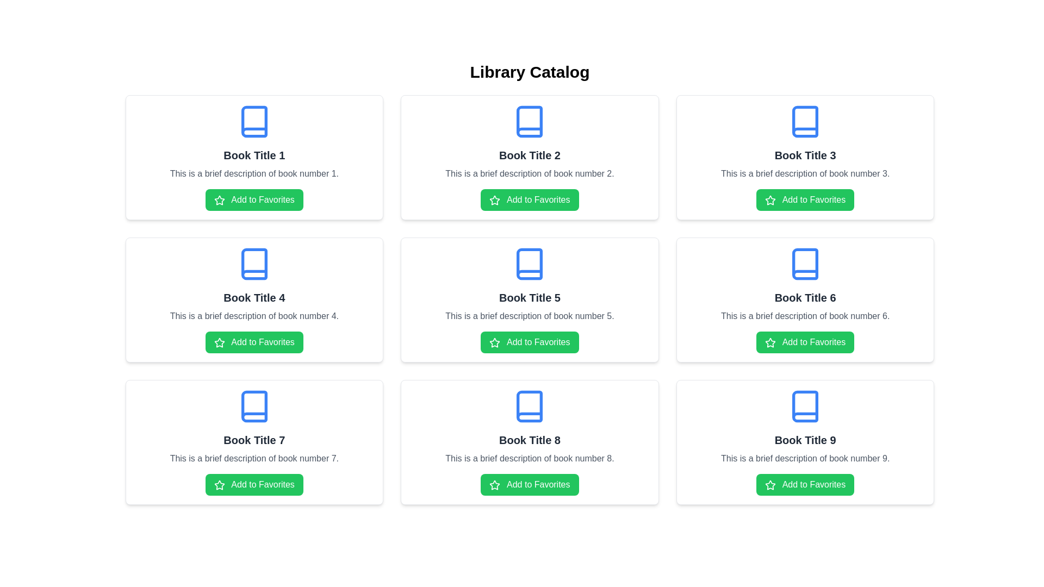 The image size is (1044, 587). What do you see at coordinates (530, 173) in the screenshot?
I see `the descriptive text associated with 'Book Title 2', located in the middle row of the grid layout, which provides additional information about the book` at bounding box center [530, 173].